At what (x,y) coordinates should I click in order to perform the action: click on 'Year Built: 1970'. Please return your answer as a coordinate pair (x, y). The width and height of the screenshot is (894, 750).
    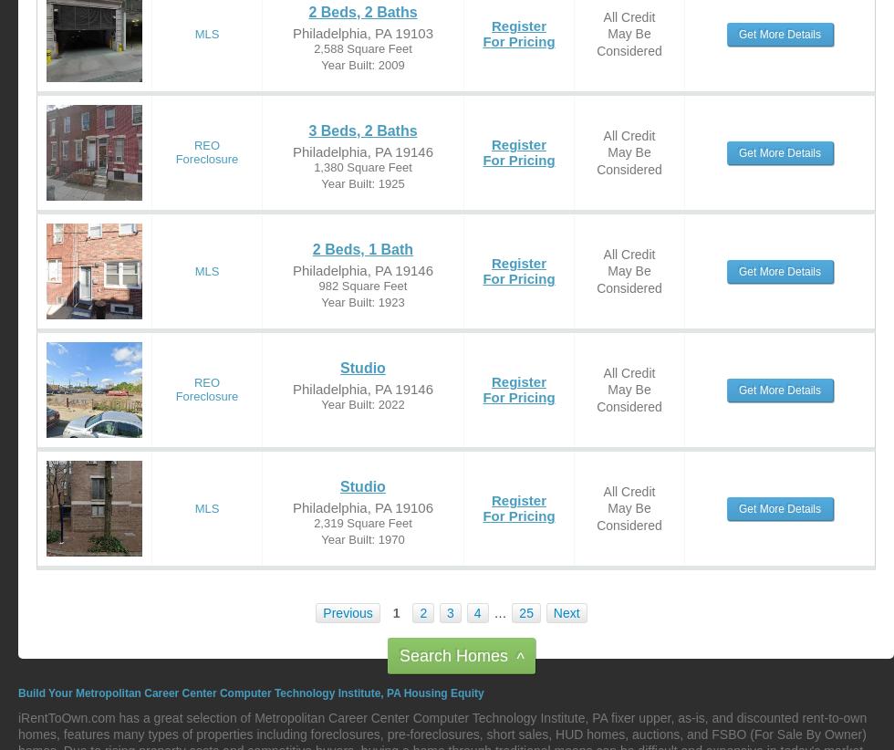
    Looking at the image, I should click on (362, 537).